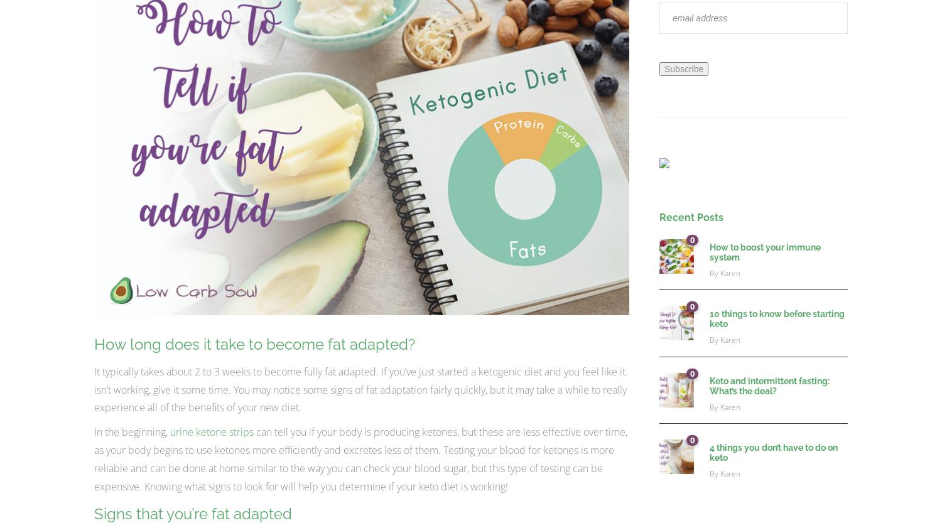  What do you see at coordinates (60, 460) in the screenshot?
I see `'About'` at bounding box center [60, 460].